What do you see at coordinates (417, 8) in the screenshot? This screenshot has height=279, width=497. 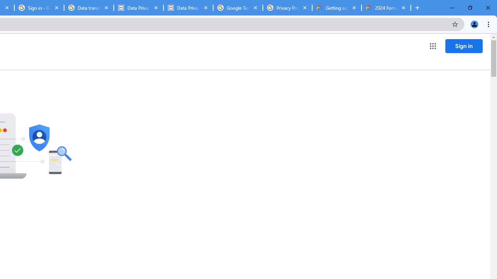 I see `'New Tab'` at bounding box center [417, 8].